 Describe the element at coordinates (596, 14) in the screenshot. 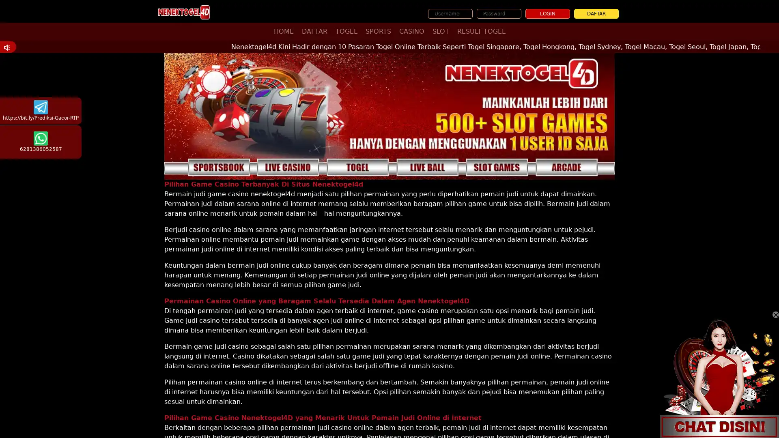

I see `DAFTAR` at that location.